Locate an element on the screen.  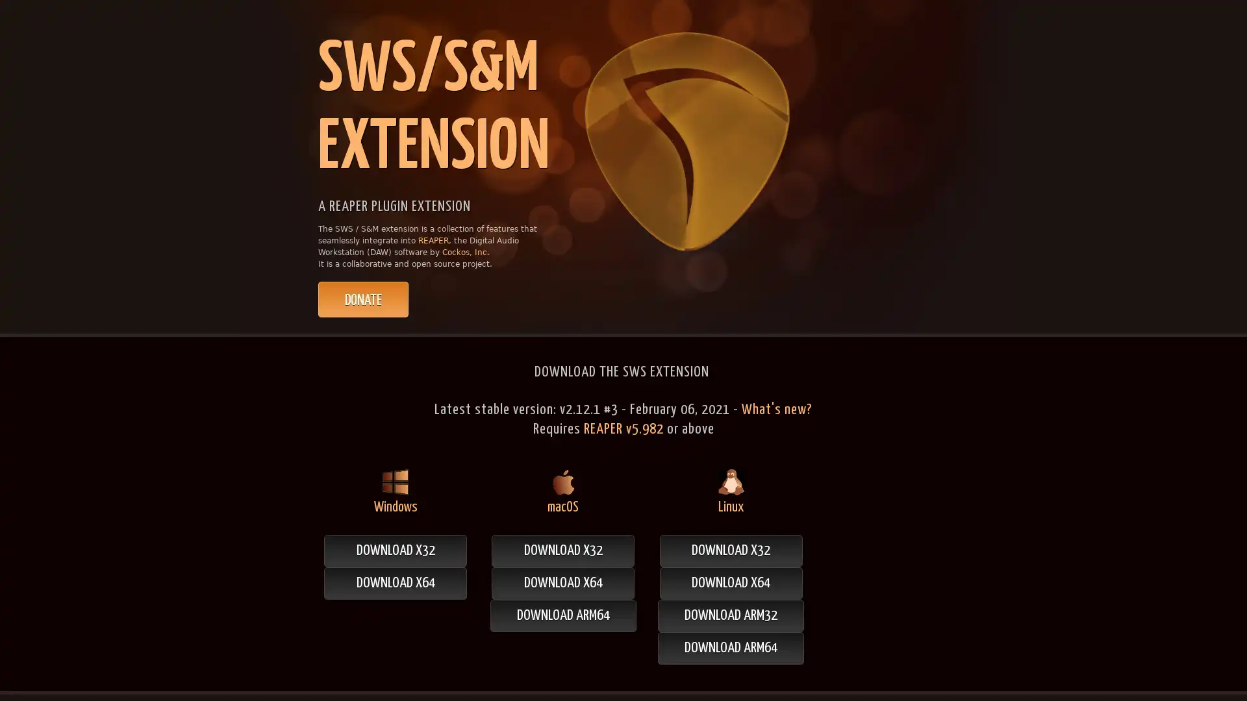
DOWNLOAD ARM64 is located at coordinates (622, 615).